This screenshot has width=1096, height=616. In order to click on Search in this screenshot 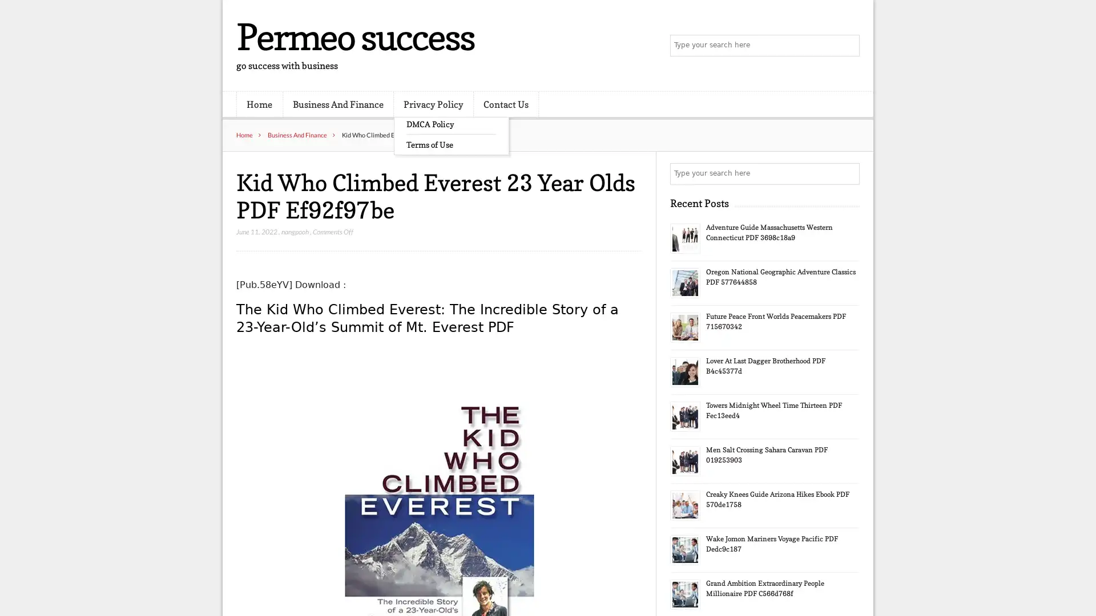, I will do `click(848, 46)`.